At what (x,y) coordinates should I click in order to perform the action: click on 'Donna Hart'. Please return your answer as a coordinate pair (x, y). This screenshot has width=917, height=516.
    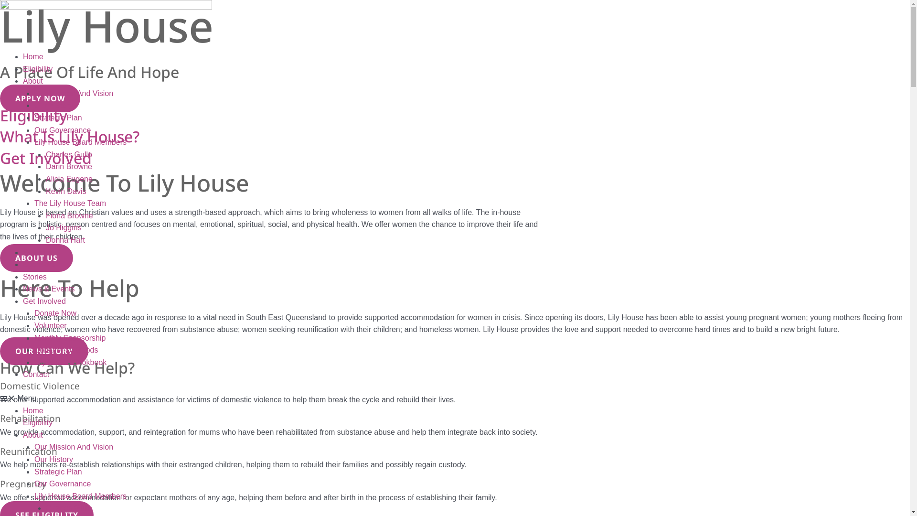
    Looking at the image, I should click on (65, 239).